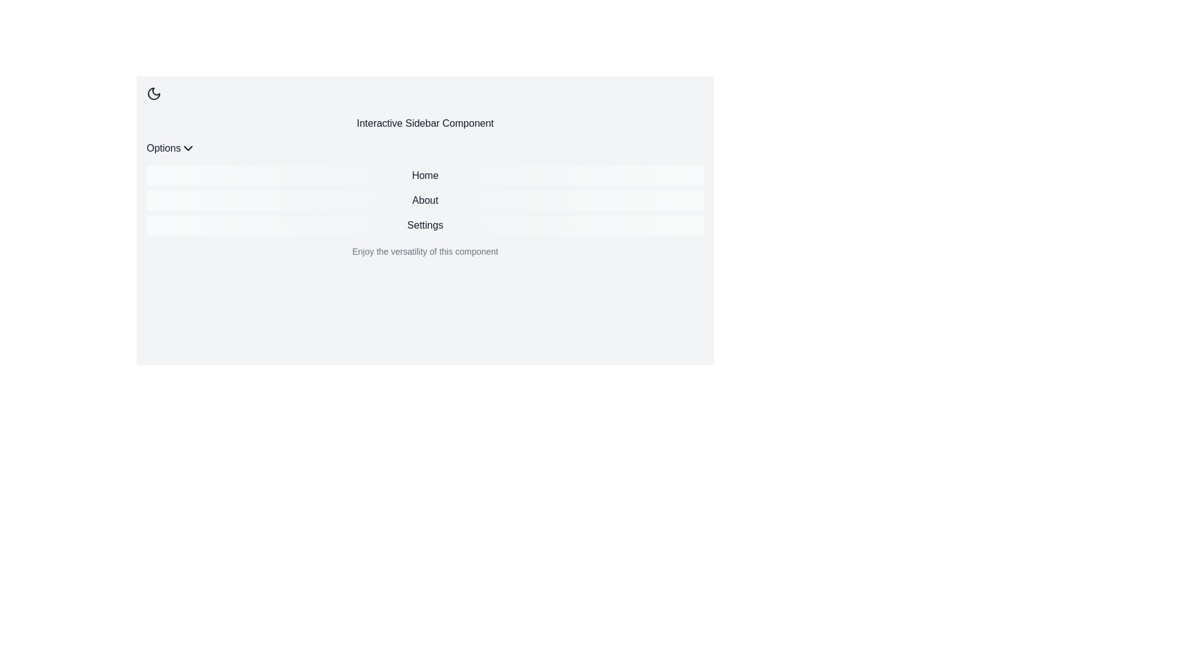  Describe the element at coordinates (170, 148) in the screenshot. I see `the dropdown menu trigger labeled 'Options' with a downward-facing chevron icon, located in the sidebar section of the interface` at that location.